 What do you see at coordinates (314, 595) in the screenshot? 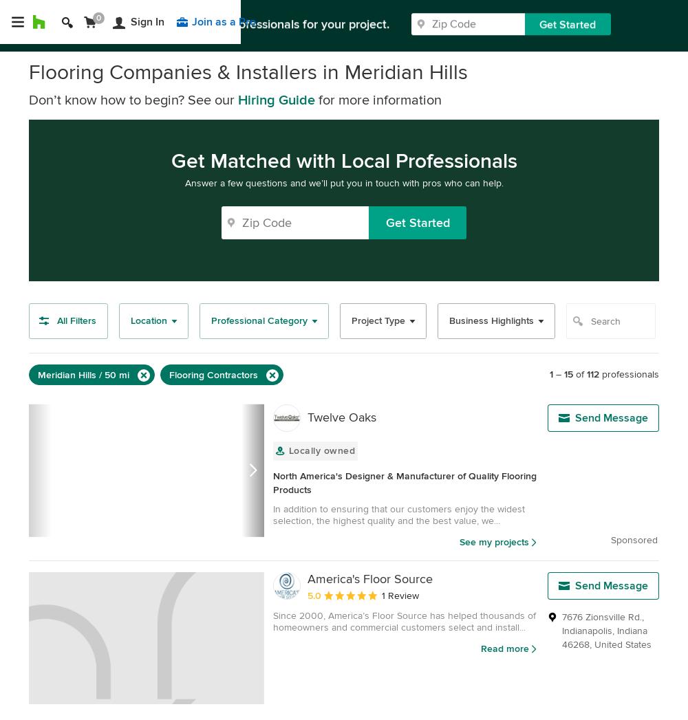
I see `'5.0'` at bounding box center [314, 595].